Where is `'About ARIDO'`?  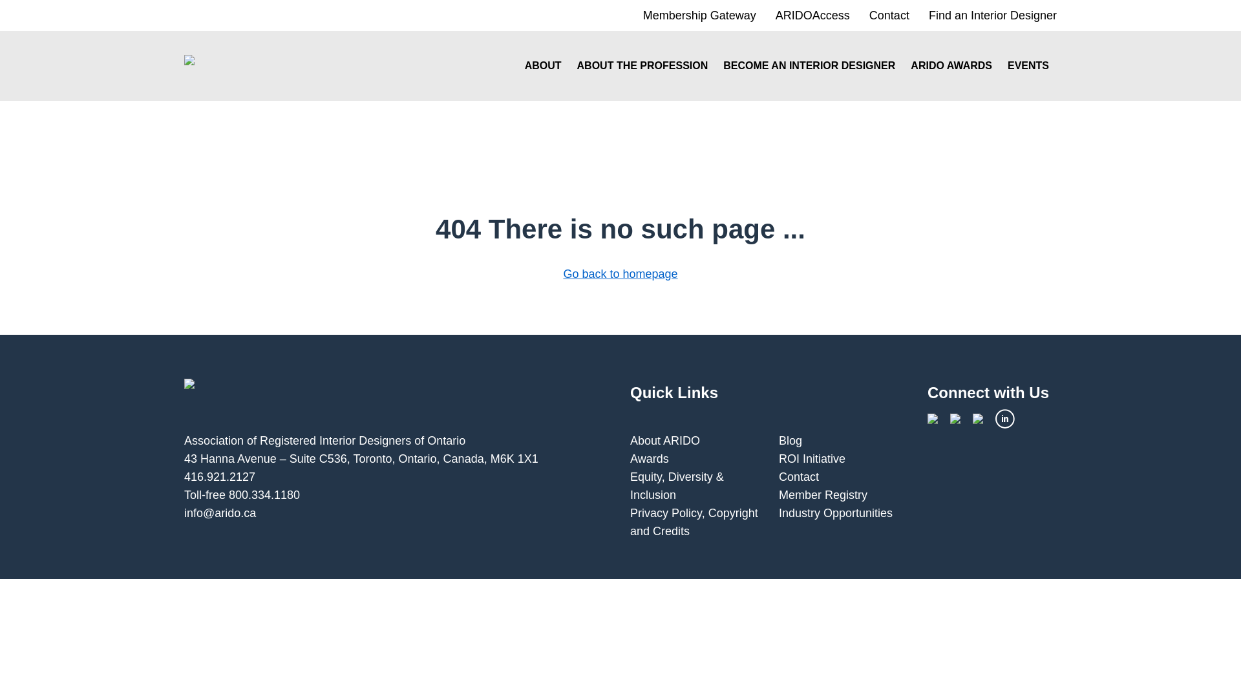
'About ARIDO' is located at coordinates (664, 440).